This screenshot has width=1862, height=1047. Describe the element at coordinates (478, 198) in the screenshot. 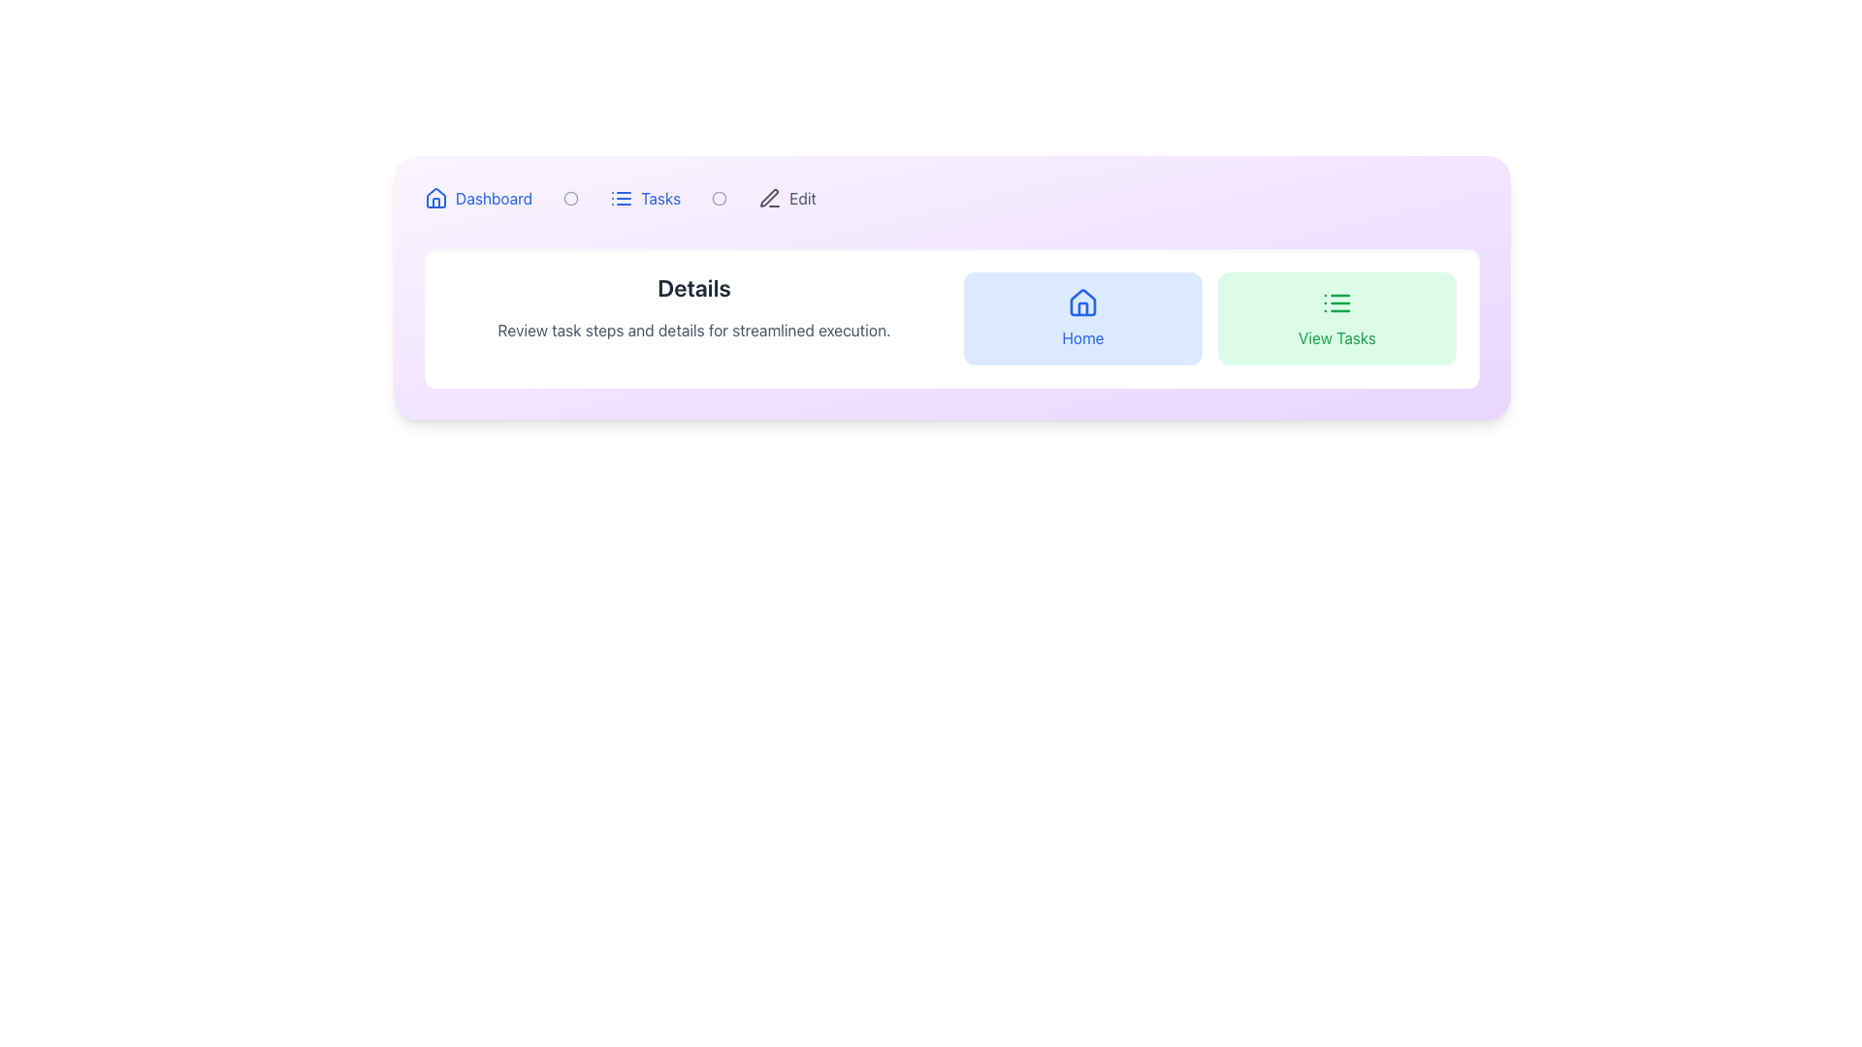

I see `the 'Dashboard' hypertext link with a home icon` at that location.